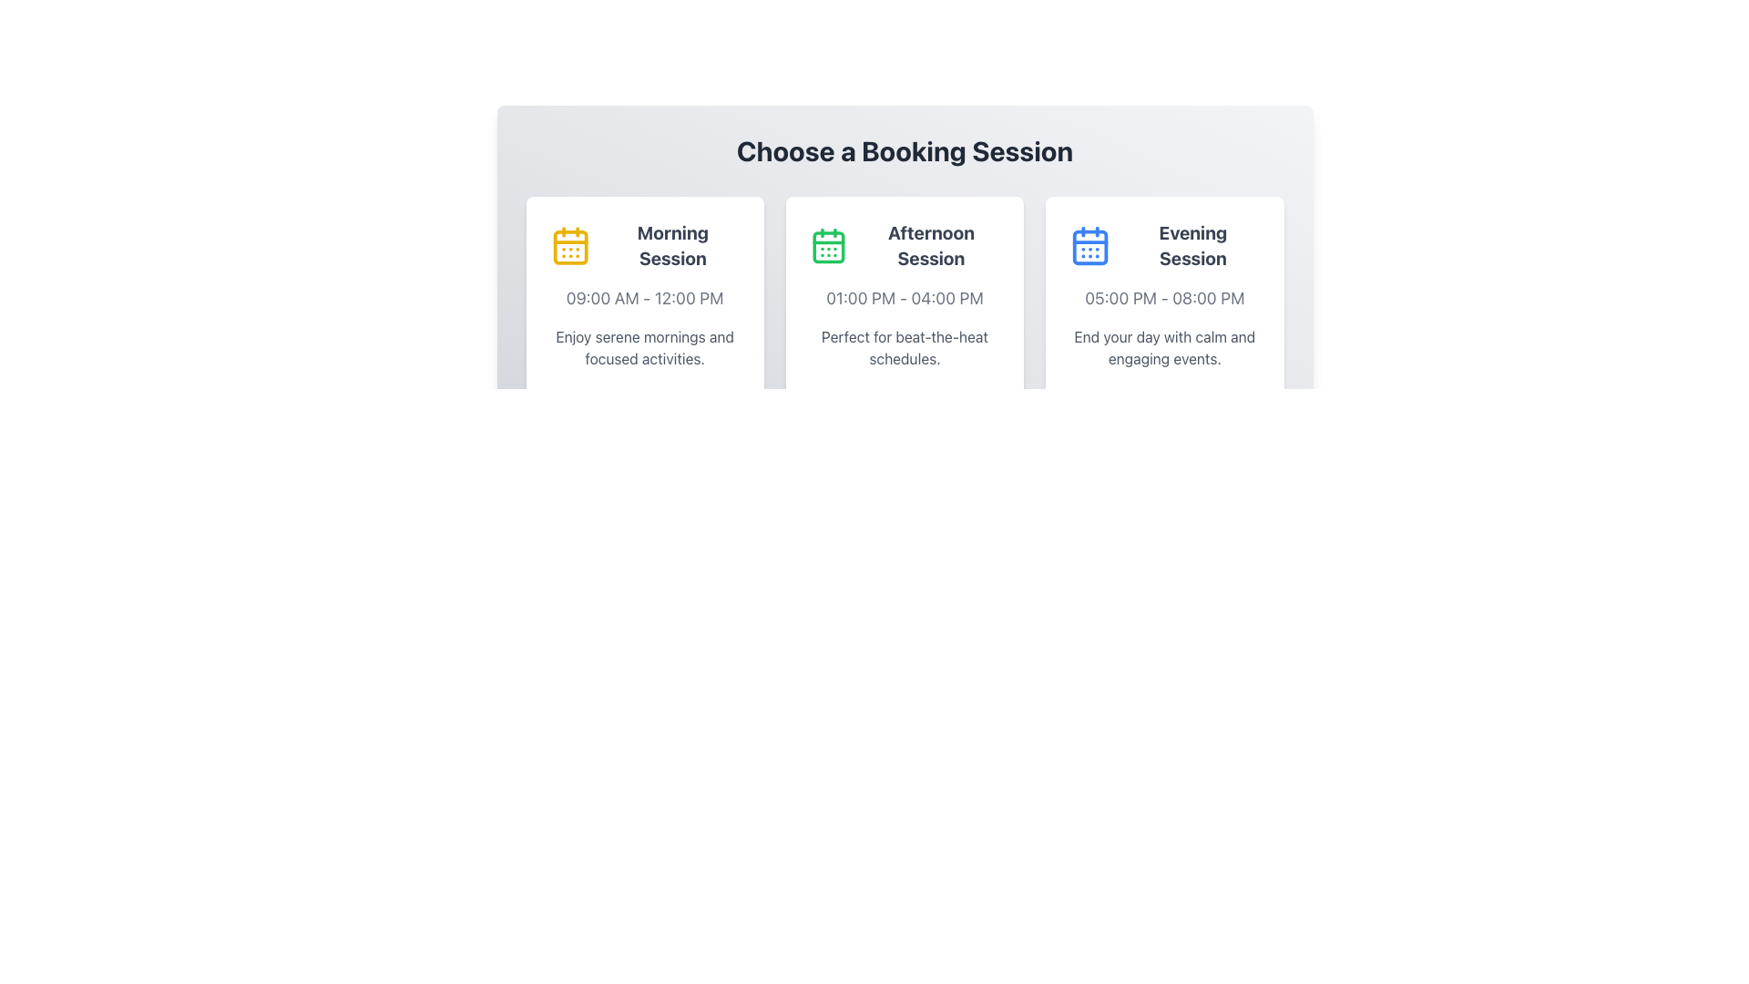  What do you see at coordinates (729, 402) in the screenshot?
I see `the decorative circular vector graphic located at the bottom-left corner of the 'Morning Session' card` at bounding box center [729, 402].